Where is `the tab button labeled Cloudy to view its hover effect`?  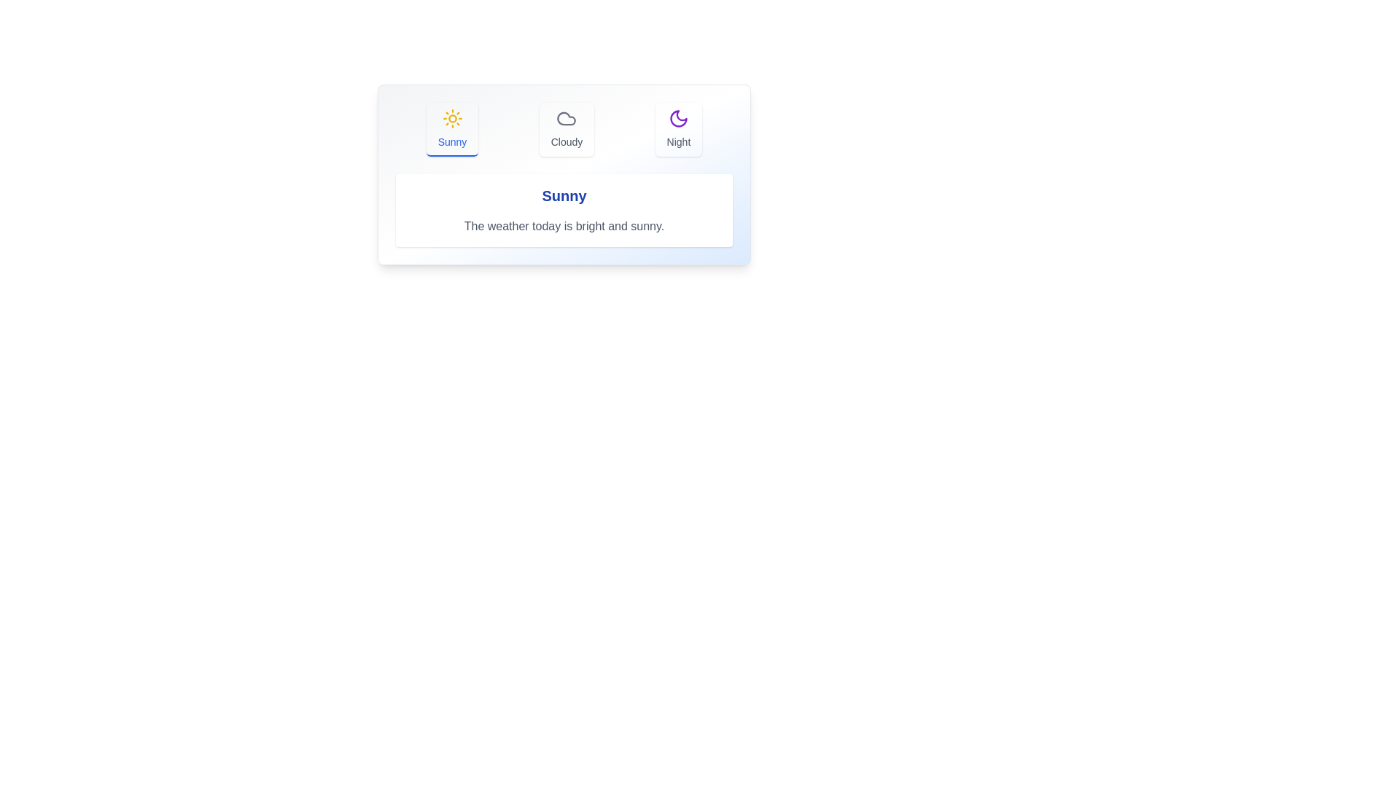
the tab button labeled Cloudy to view its hover effect is located at coordinates (566, 128).